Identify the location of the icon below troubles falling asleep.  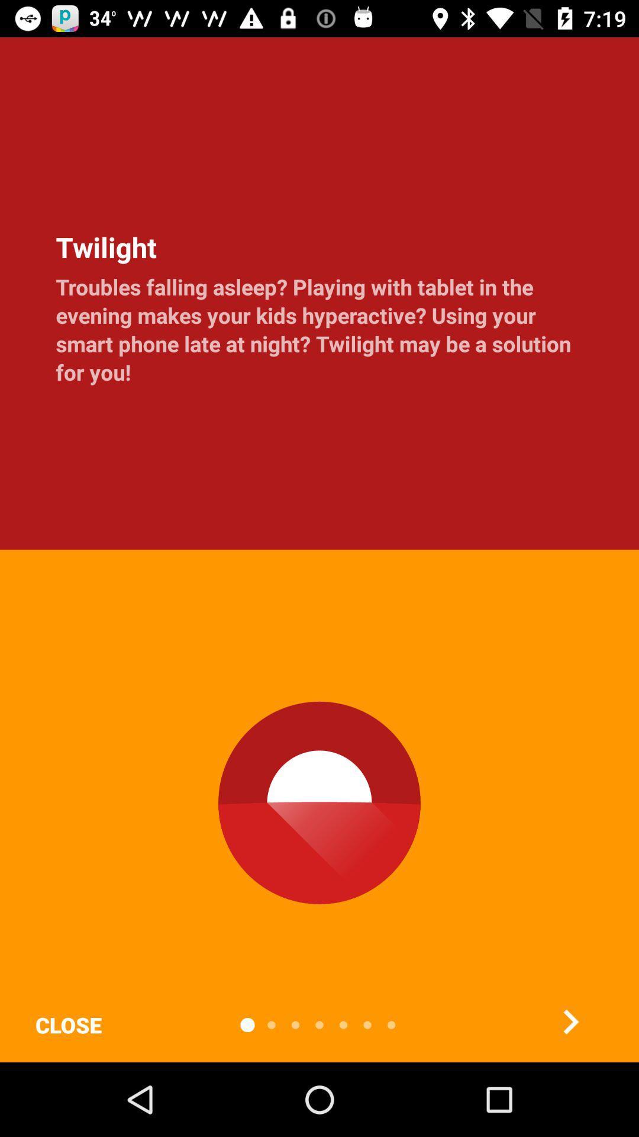
(68, 1024).